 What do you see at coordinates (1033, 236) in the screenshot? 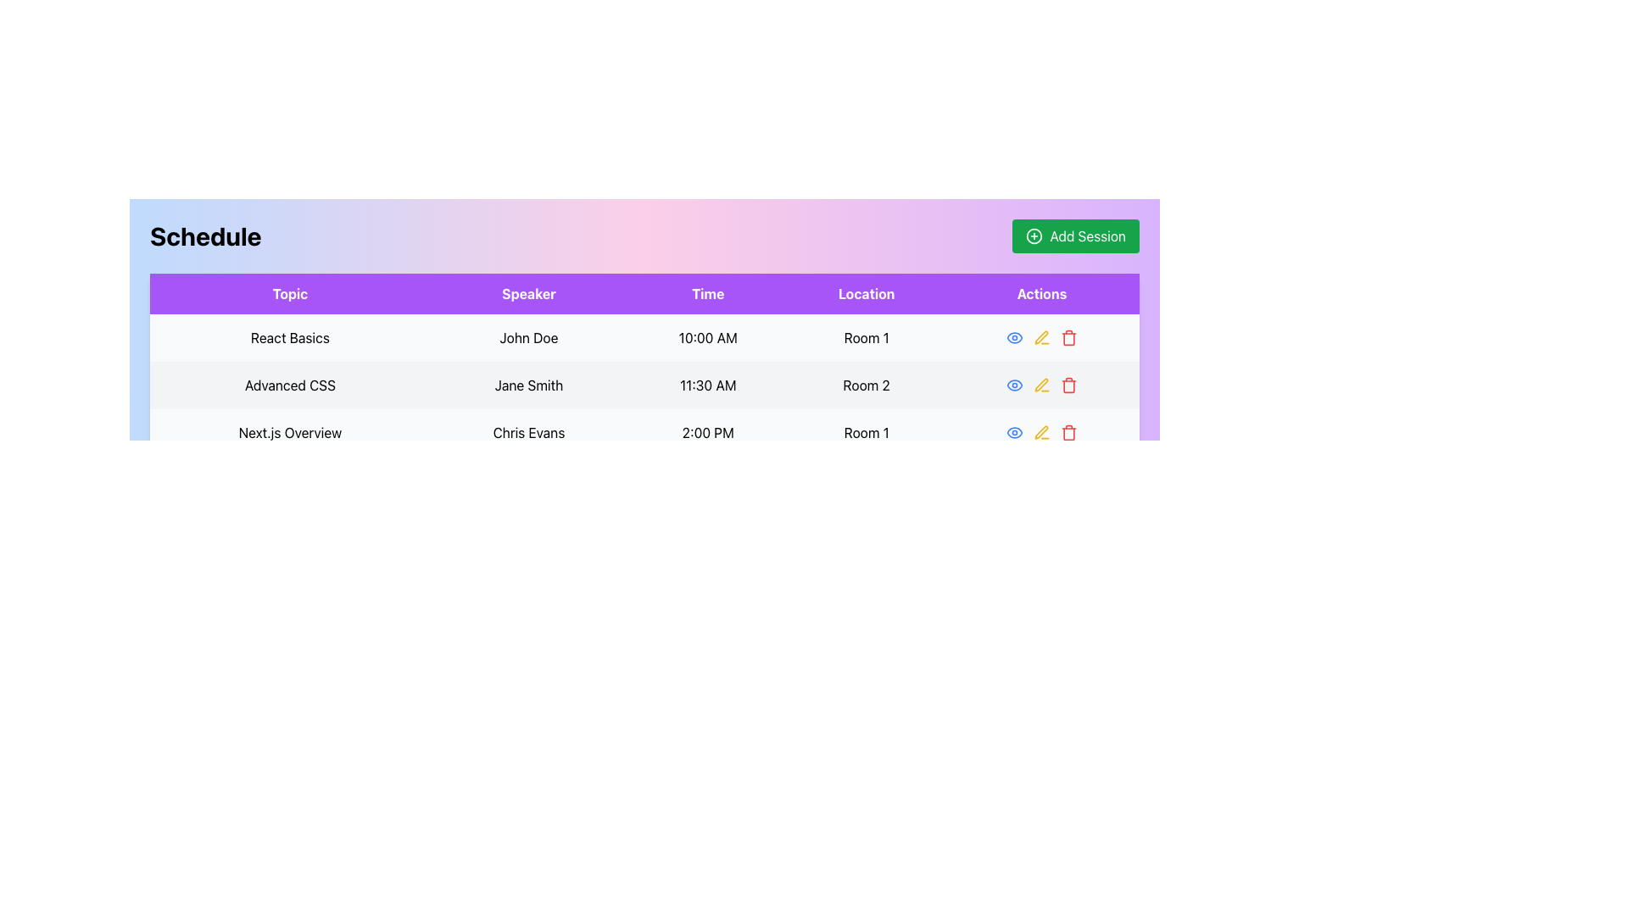
I see `the circular icon with a cross inside it, which is part of the green 'Add Session' button located at the top-right corner of the page, to initiate the add session action` at bounding box center [1033, 236].